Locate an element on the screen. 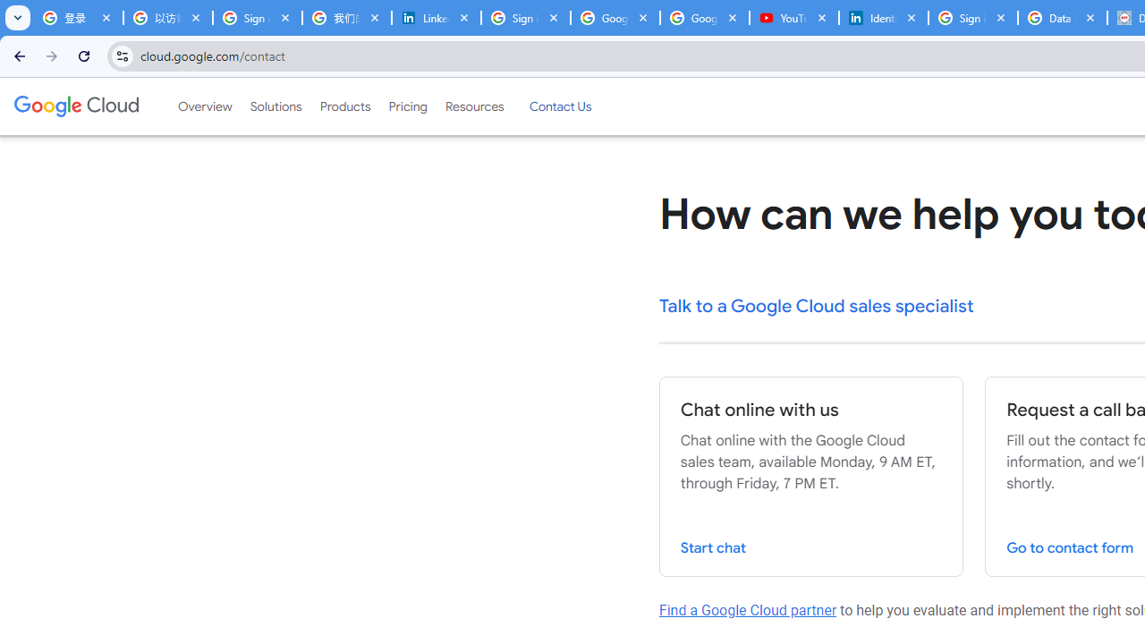 The height and width of the screenshot is (644, 1145). 'Resources' is located at coordinates (474, 106).